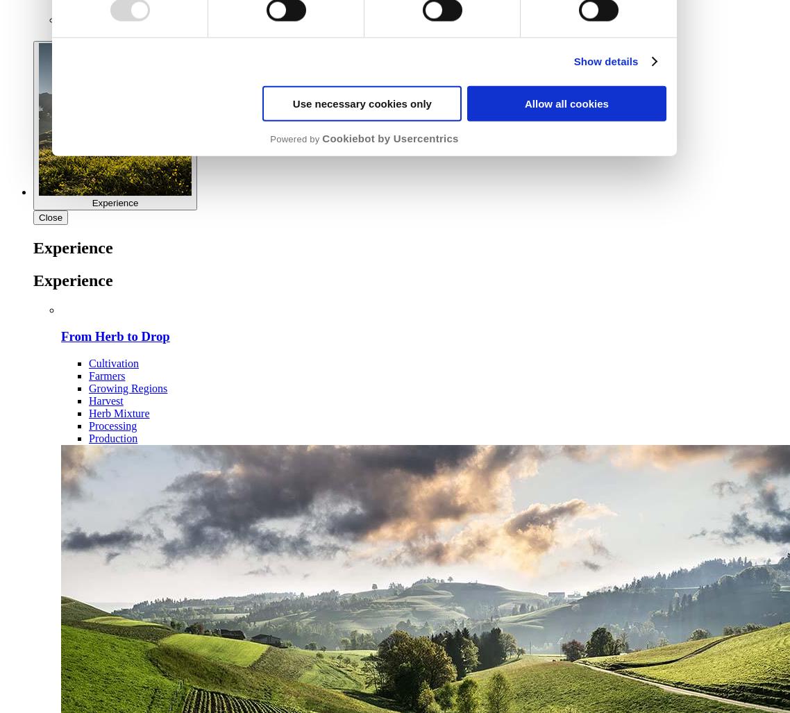 Image resolution: width=790 pixels, height=713 pixels. What do you see at coordinates (112, 437) in the screenshot?
I see `'Production'` at bounding box center [112, 437].